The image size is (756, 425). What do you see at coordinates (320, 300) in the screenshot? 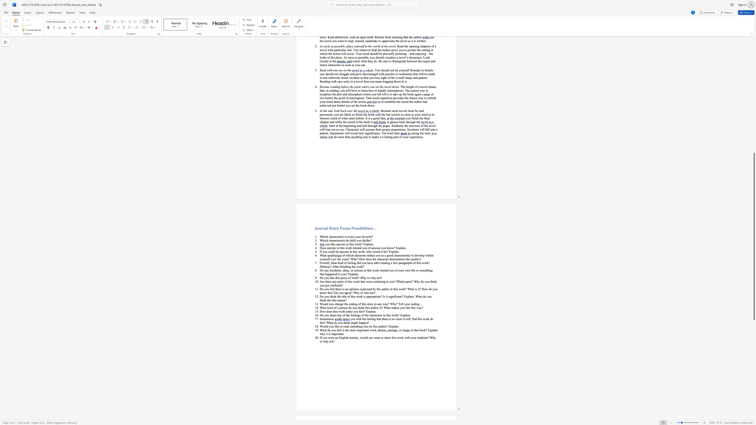
I see `the 4th character "t" in the text` at bounding box center [320, 300].